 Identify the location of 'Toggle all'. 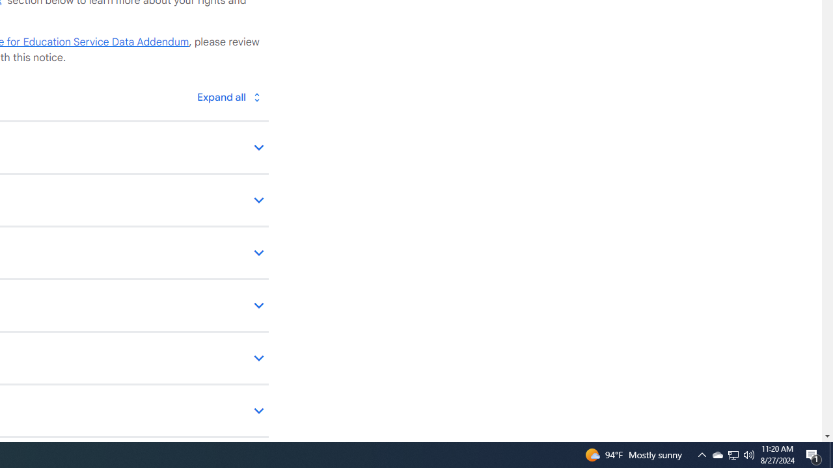
(228, 96).